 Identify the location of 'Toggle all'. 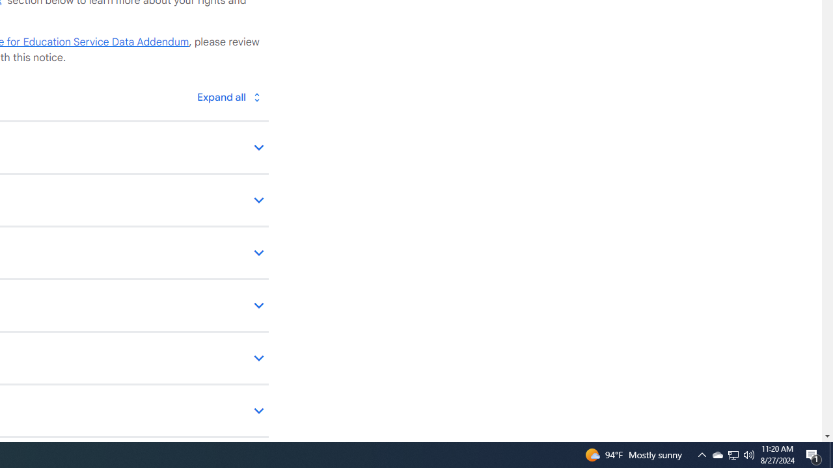
(228, 96).